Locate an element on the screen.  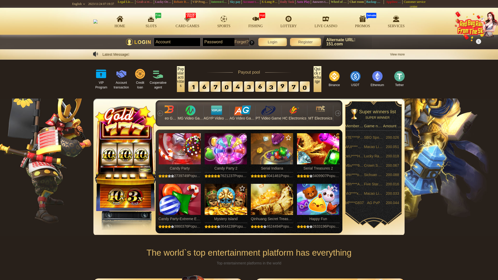
'SLOTS' is located at coordinates (151, 21).